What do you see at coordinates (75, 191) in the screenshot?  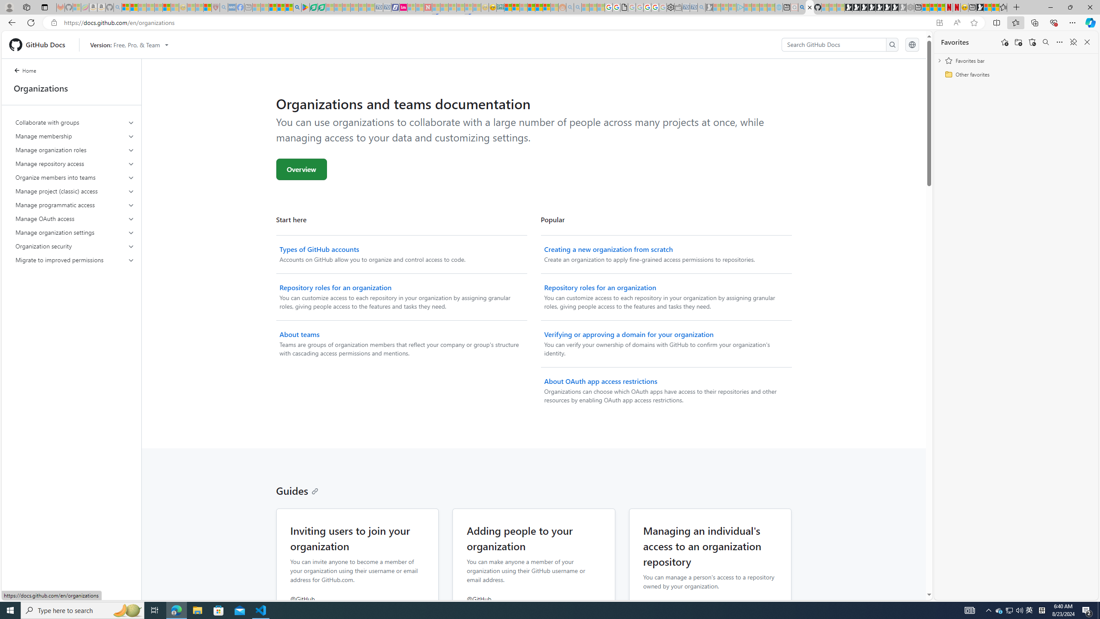 I see `'Manage project (classic) access'` at bounding box center [75, 191].